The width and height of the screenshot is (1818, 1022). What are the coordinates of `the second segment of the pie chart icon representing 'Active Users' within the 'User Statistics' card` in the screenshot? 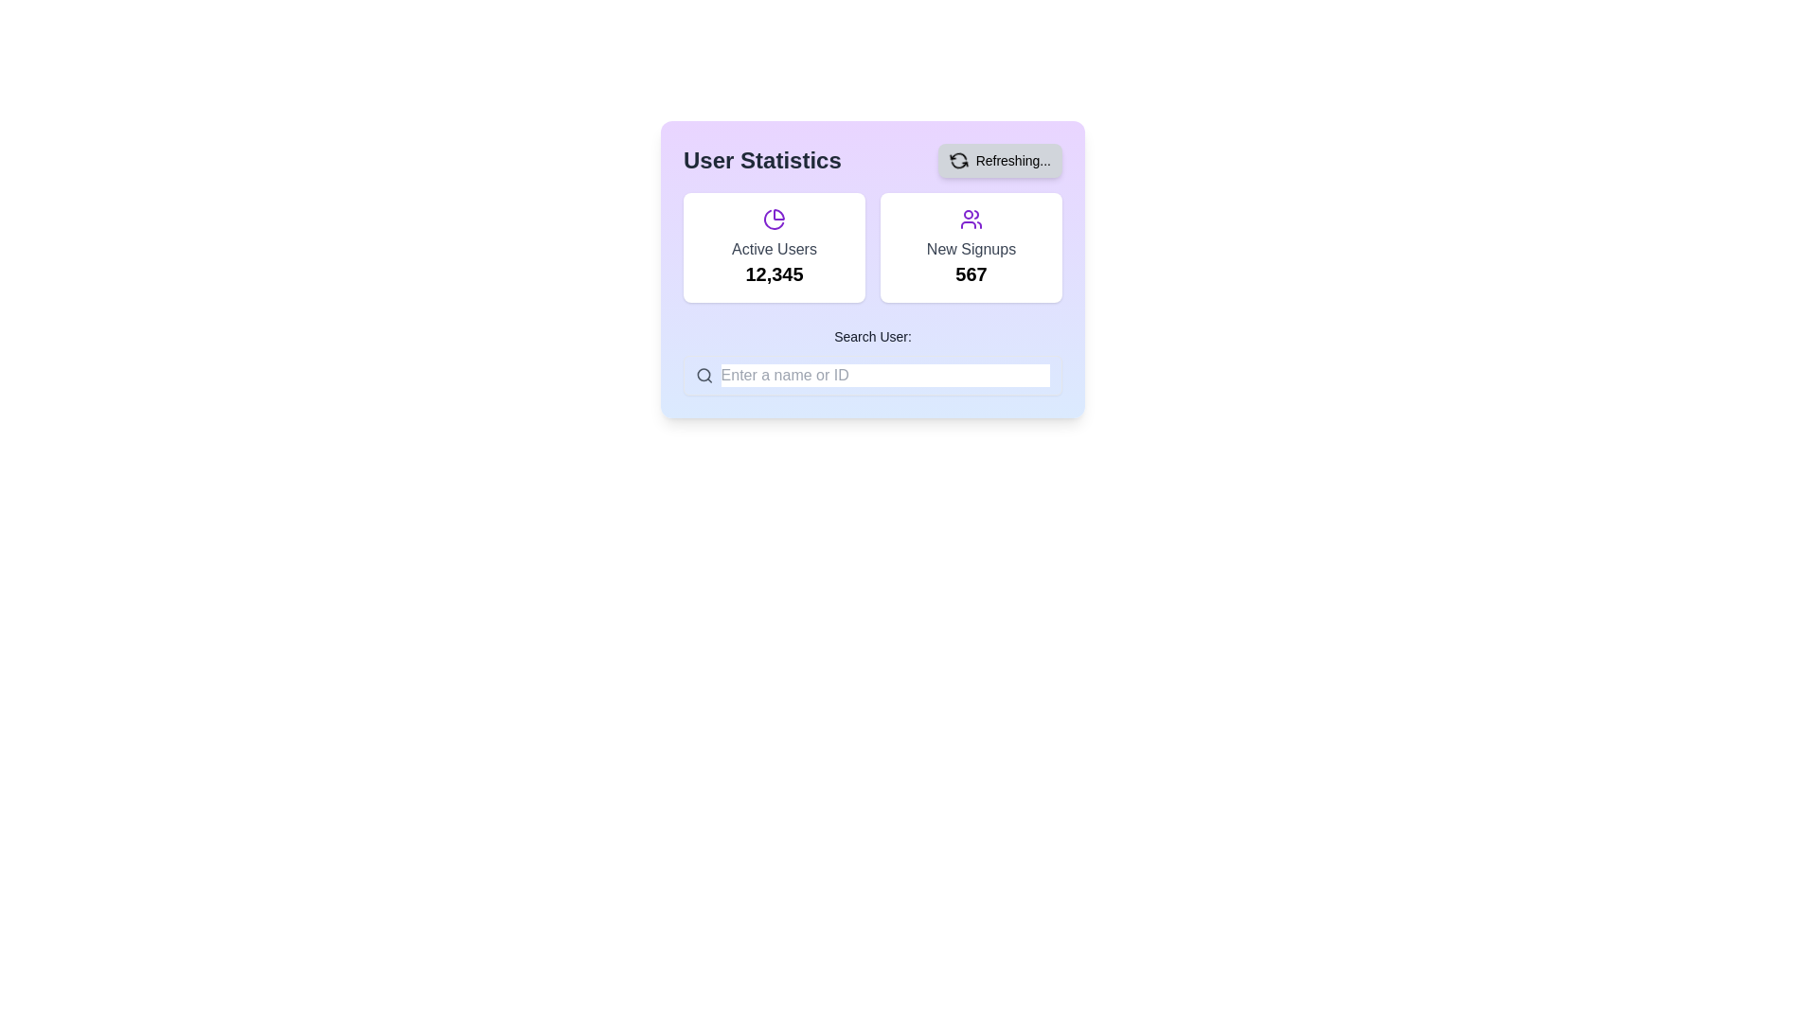 It's located at (773, 218).